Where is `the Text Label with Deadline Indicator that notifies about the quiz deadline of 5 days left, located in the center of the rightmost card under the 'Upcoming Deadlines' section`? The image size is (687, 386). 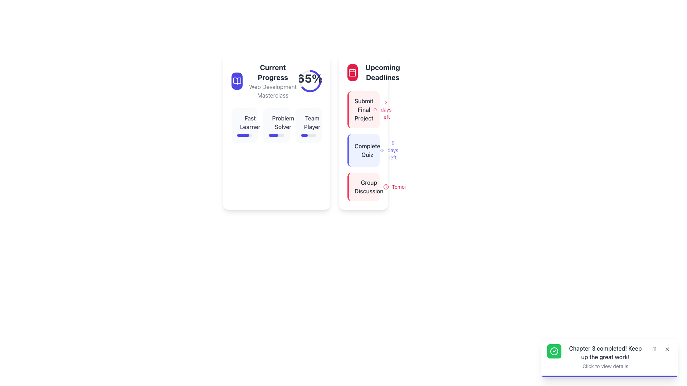
the Text Label with Deadline Indicator that notifies about the quiz deadline of 5 days left, located in the center of the rightmost card under the 'Upcoming Deadlines' section is located at coordinates (364, 150).